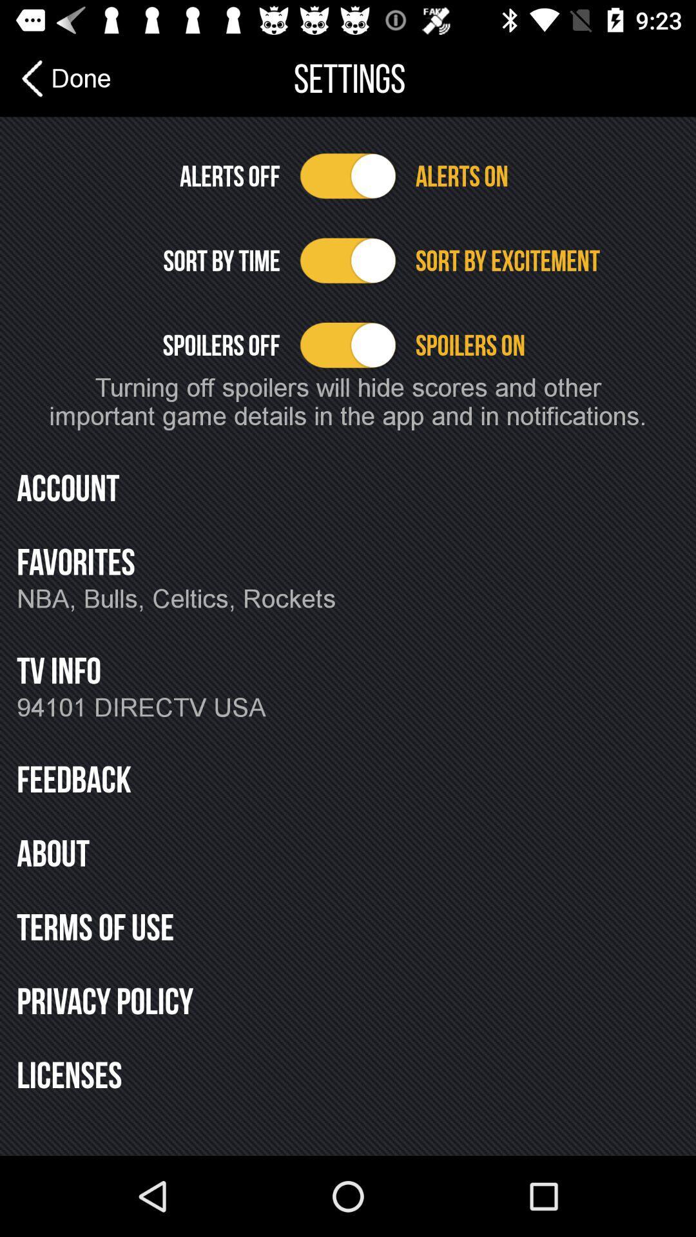  I want to click on spoilers option, so click(348, 345).